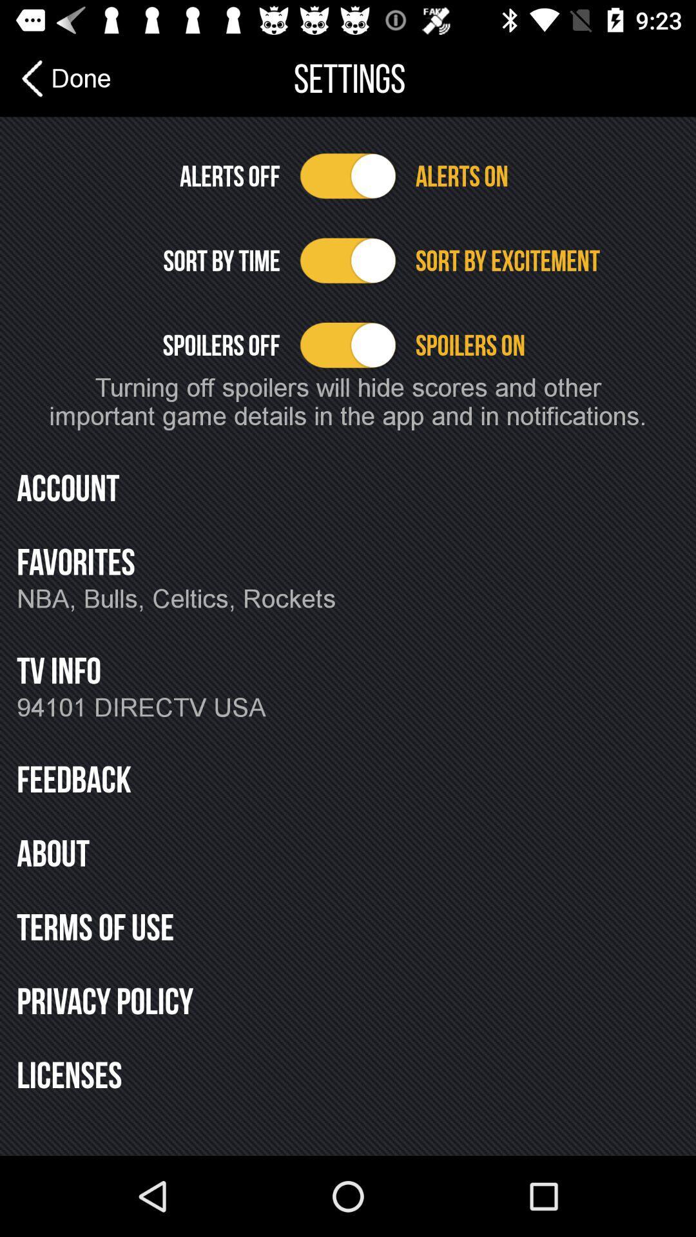  I want to click on spoilers option, so click(348, 345).